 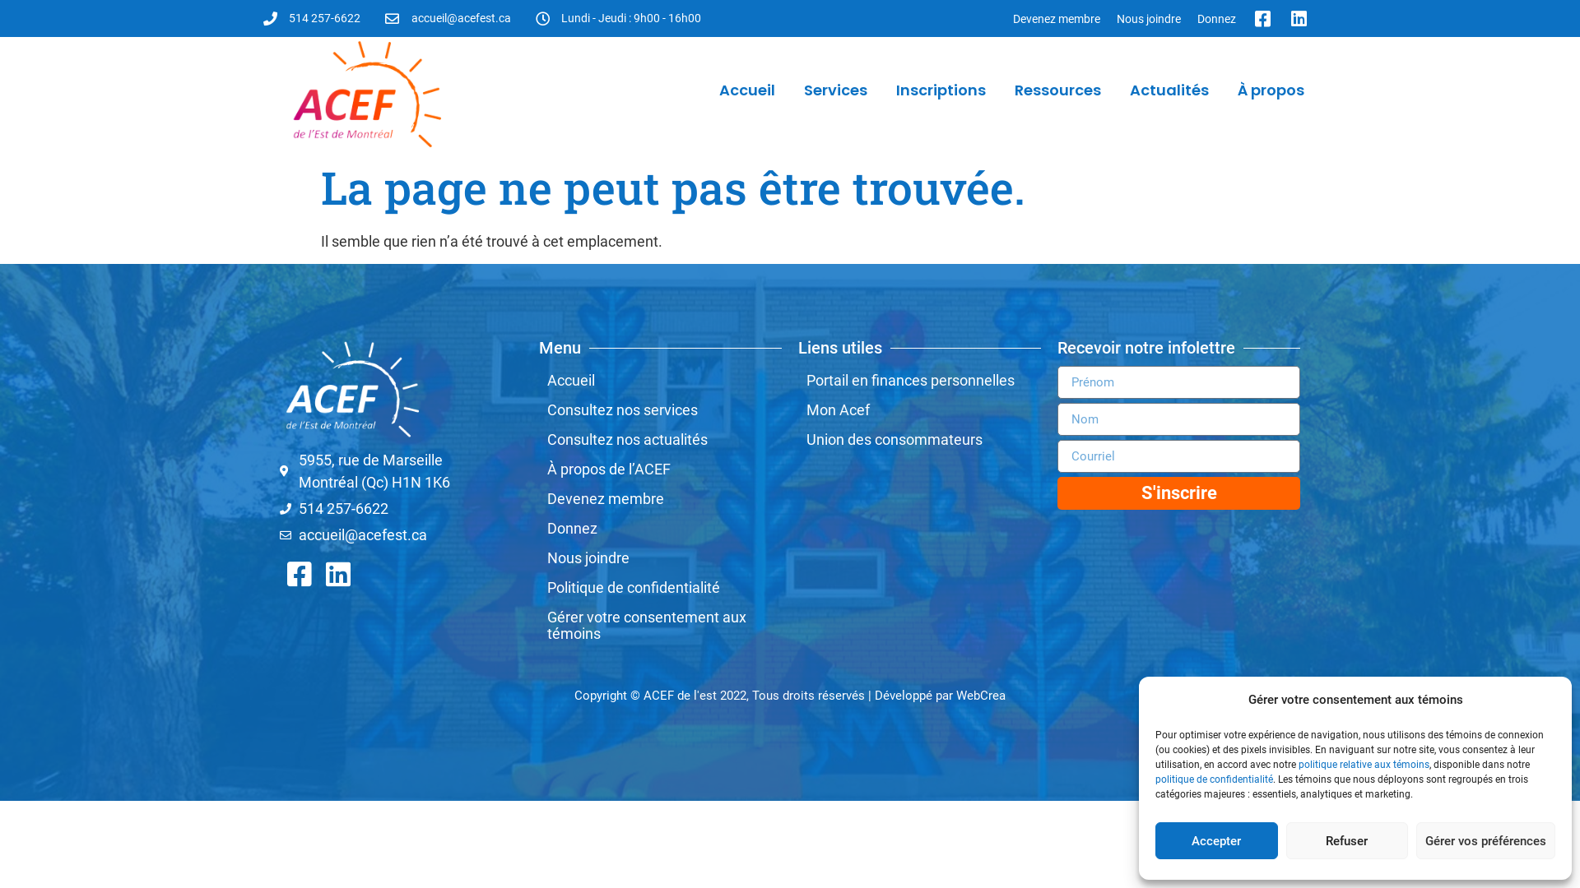 What do you see at coordinates (918, 439) in the screenshot?
I see `'Union des consommateurs'` at bounding box center [918, 439].